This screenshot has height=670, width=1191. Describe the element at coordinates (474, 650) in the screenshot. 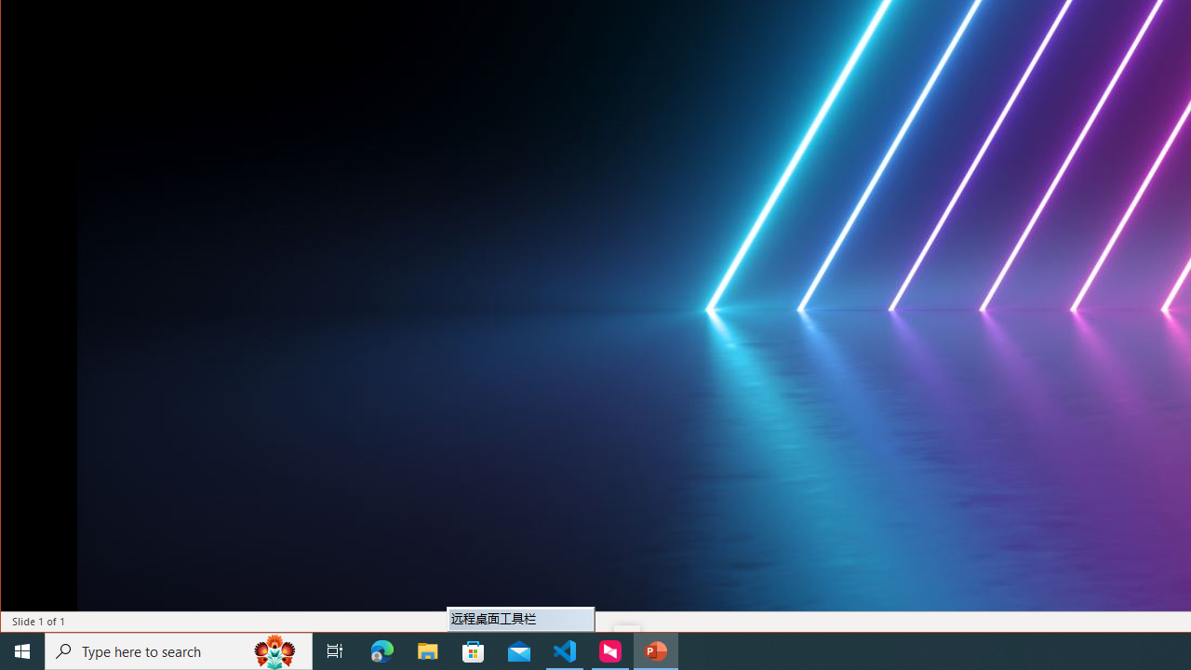

I see `'Microsoft Store'` at that location.